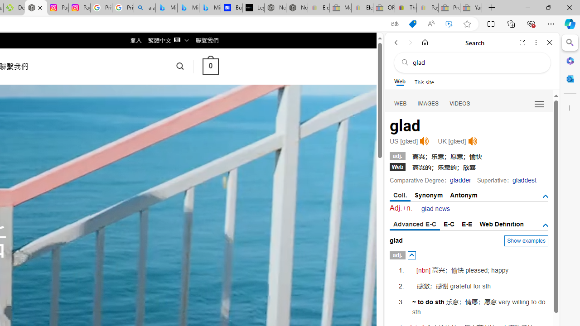 This screenshot has width=580, height=326. Describe the element at coordinates (511, 23) in the screenshot. I see `'Collections'` at that location.